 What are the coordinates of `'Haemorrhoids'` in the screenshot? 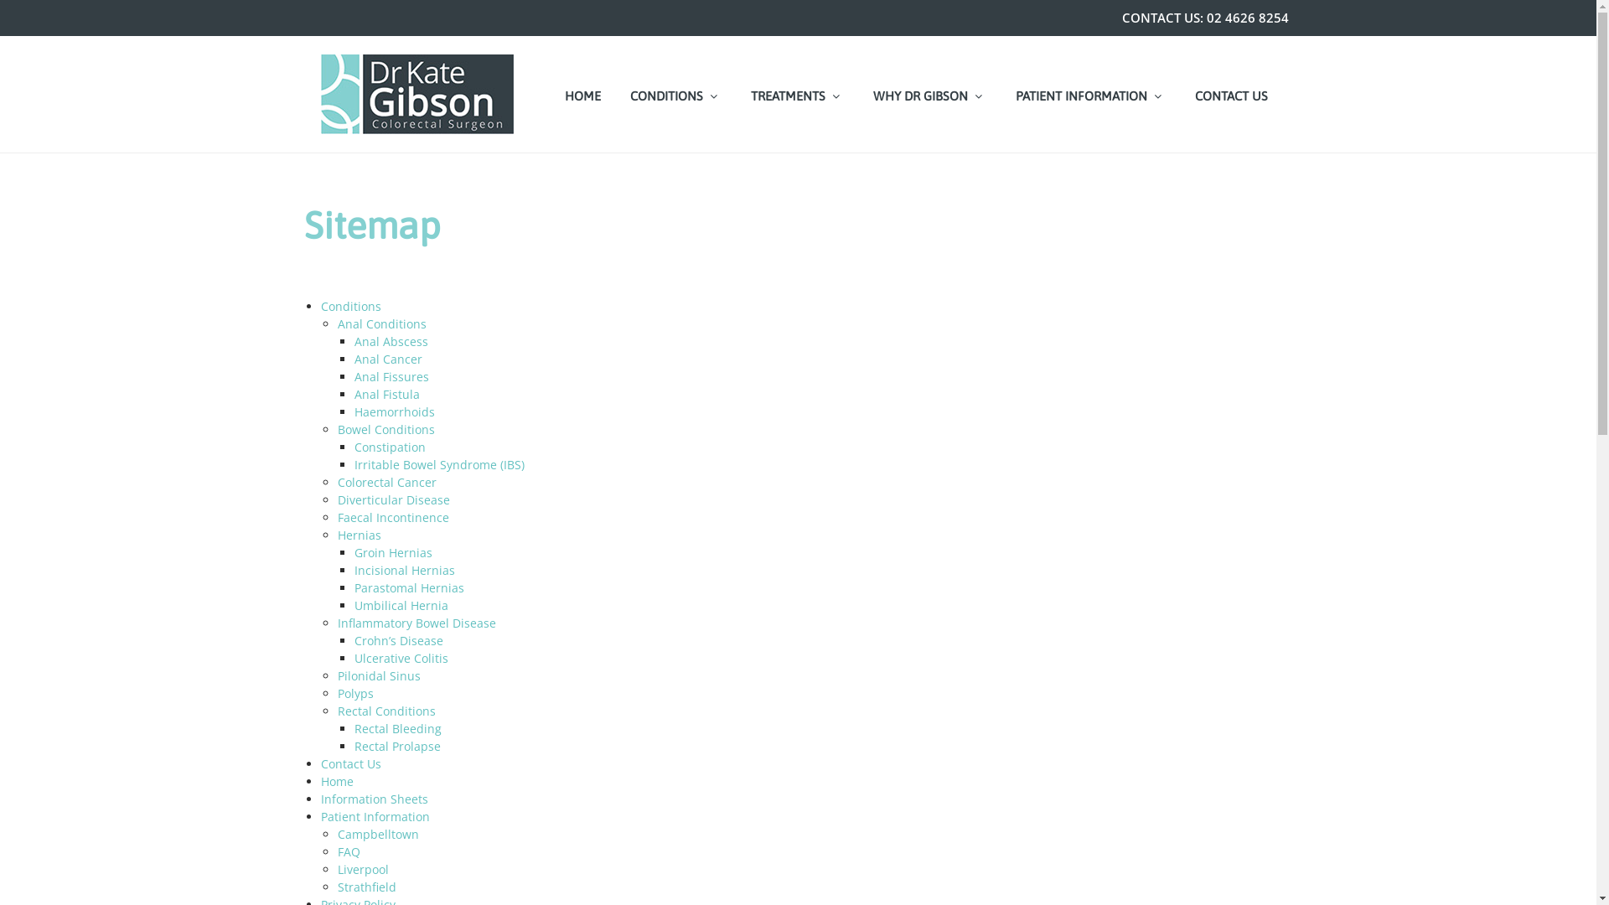 It's located at (353, 411).